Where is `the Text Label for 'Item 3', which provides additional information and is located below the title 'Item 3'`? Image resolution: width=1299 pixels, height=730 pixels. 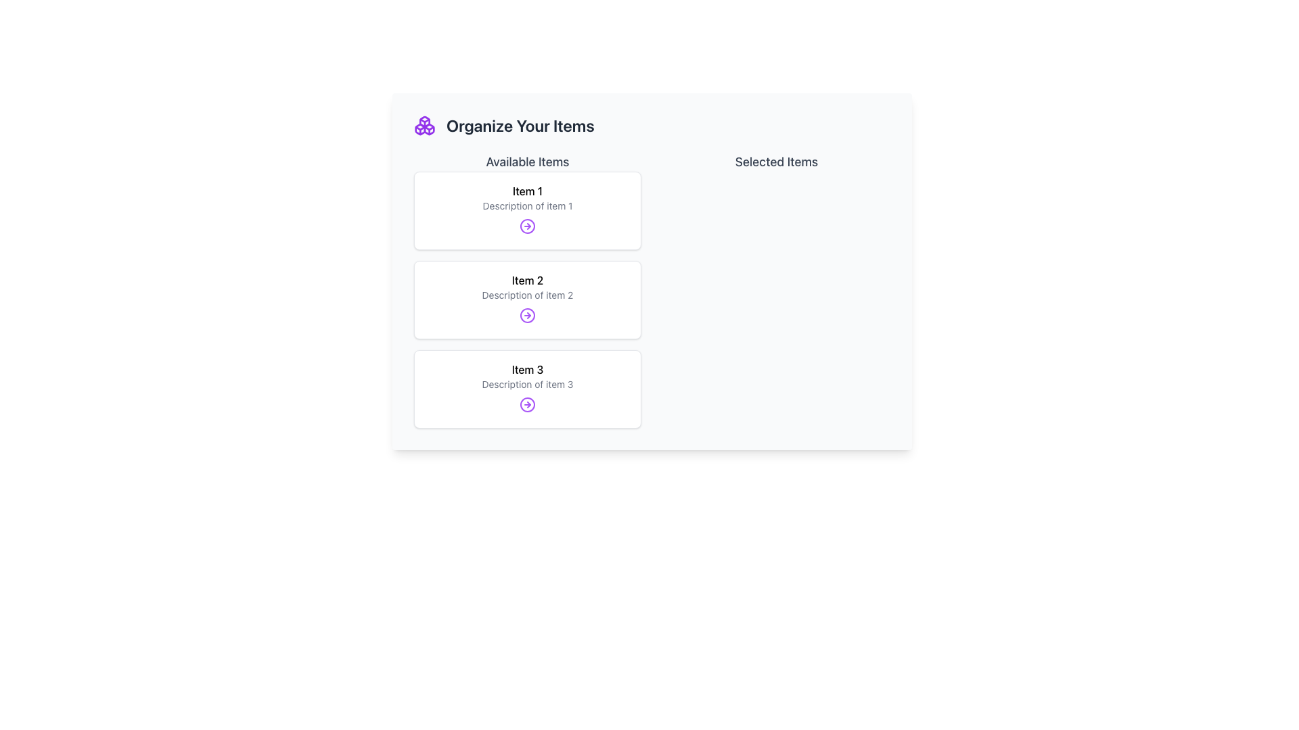 the Text Label for 'Item 3', which provides additional information and is located below the title 'Item 3' is located at coordinates (526, 385).